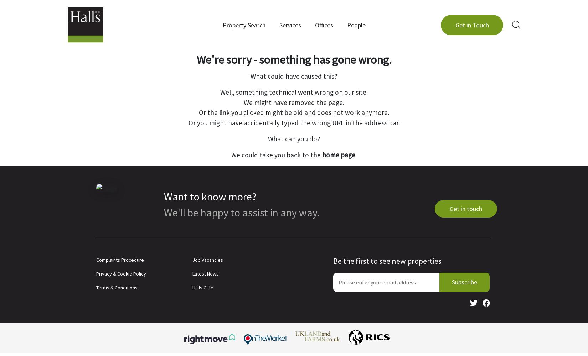  Describe the element at coordinates (339, 155) in the screenshot. I see `'home page'` at that location.